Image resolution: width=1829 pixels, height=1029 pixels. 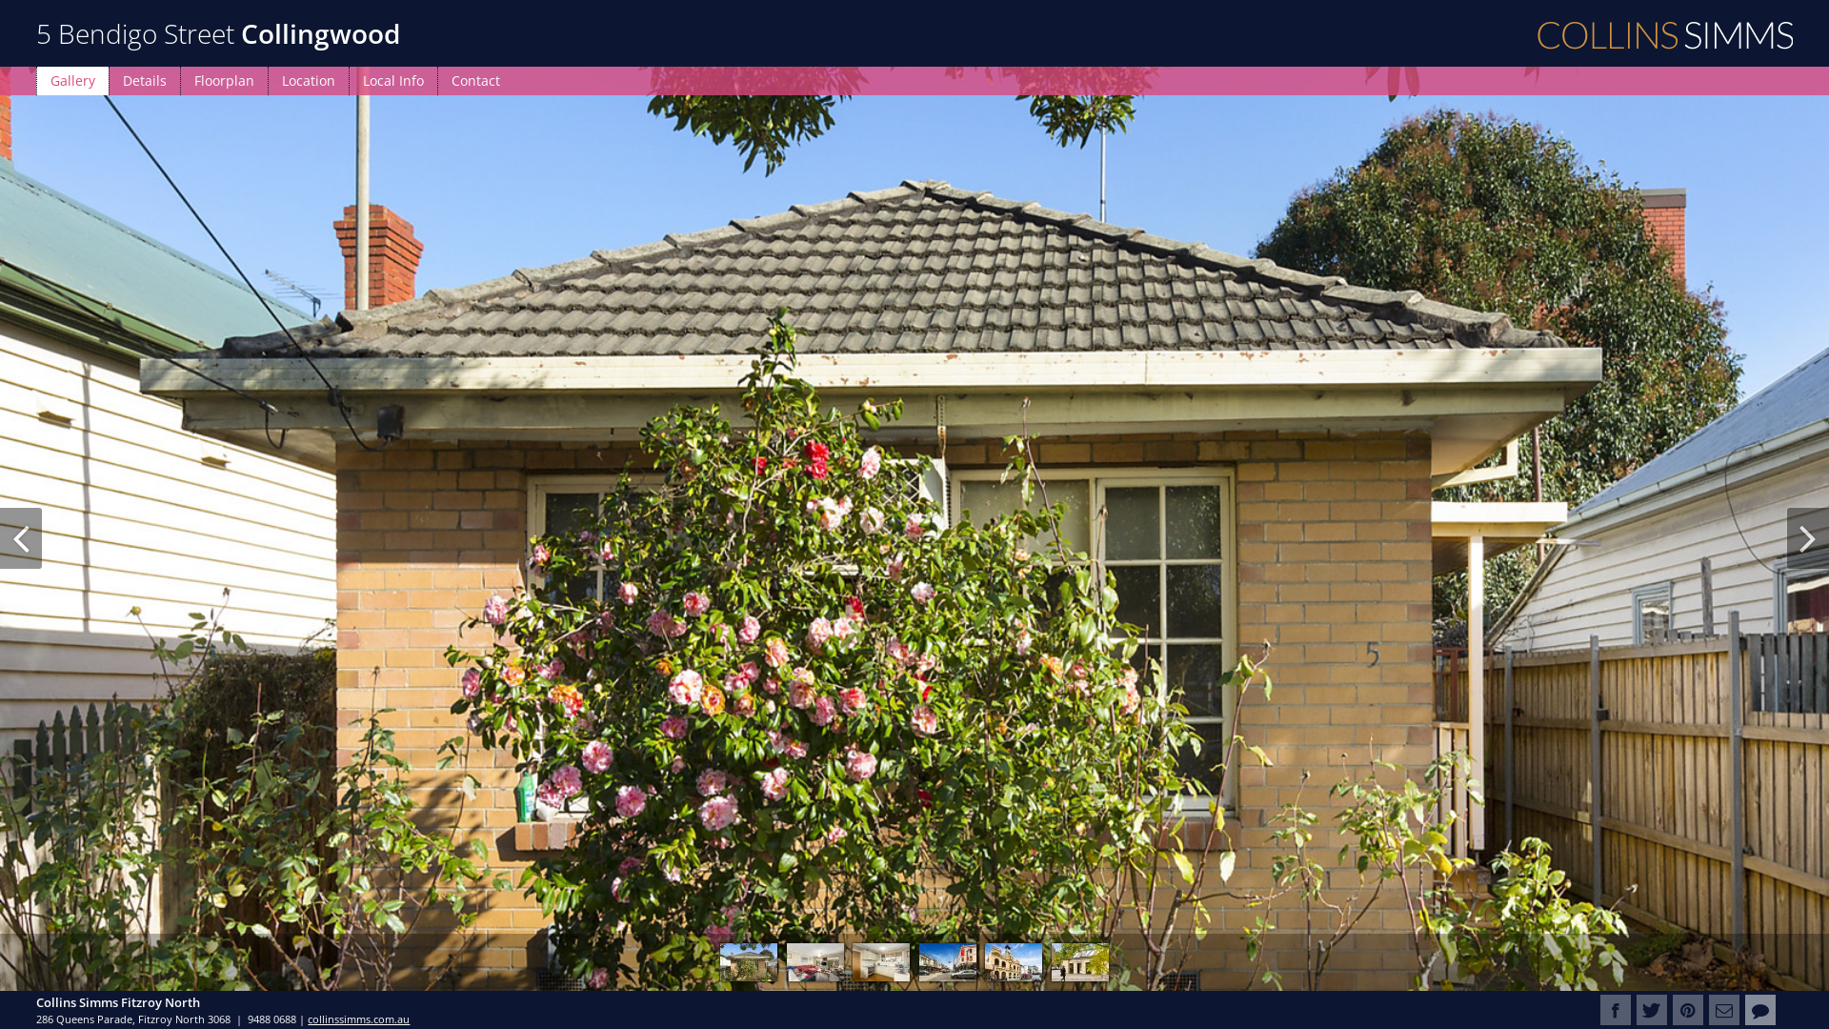 What do you see at coordinates (267, 79) in the screenshot?
I see `'Location'` at bounding box center [267, 79].